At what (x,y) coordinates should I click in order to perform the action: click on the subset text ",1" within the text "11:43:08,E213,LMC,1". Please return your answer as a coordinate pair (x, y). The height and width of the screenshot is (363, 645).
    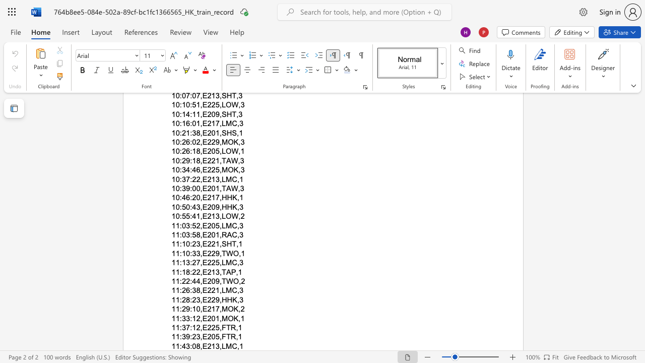
    Looking at the image, I should click on (236, 345).